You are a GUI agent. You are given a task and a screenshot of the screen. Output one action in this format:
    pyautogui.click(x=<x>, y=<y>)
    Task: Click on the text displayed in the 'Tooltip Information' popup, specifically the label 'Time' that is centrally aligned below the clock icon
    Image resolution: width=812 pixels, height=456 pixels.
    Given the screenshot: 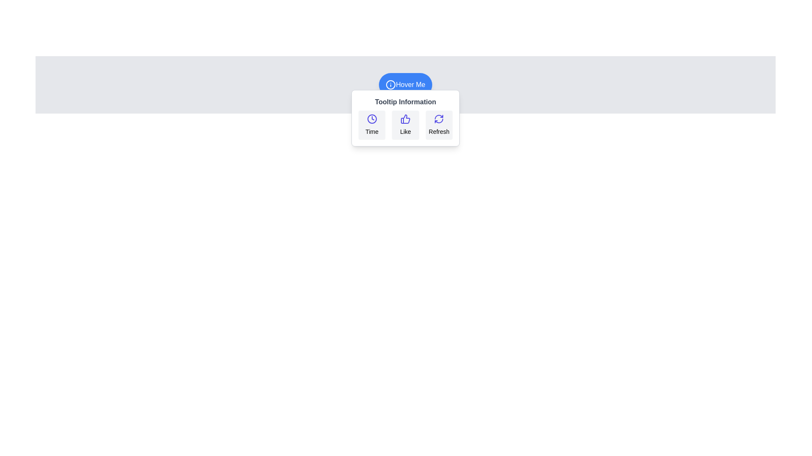 What is the action you would take?
    pyautogui.click(x=372, y=132)
    